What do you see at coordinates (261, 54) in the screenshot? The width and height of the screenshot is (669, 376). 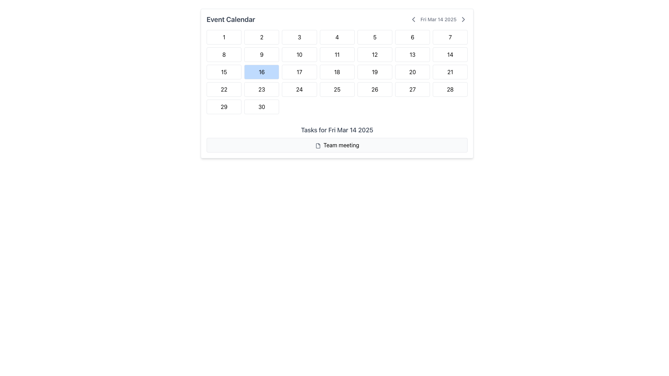 I see `the ninth day in the calendar grid, which is located in the second row and second column of the 'Event Calendar' layout` at bounding box center [261, 54].